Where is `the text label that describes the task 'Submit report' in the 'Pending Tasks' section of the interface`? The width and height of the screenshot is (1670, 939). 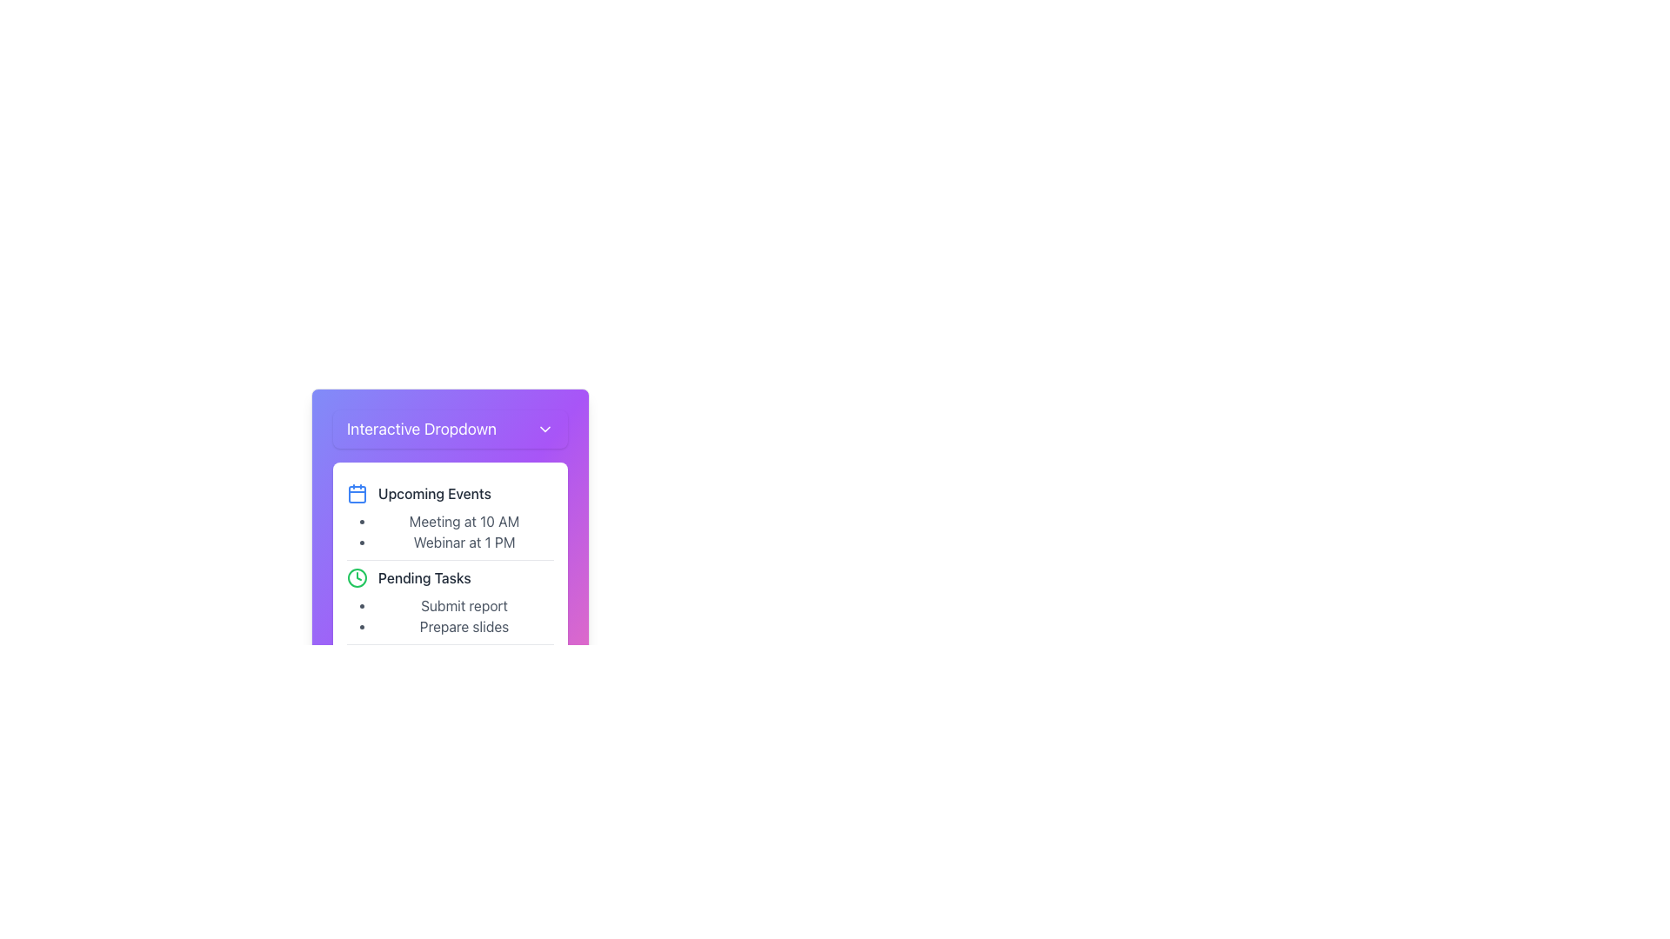 the text label that describes the task 'Submit report' in the 'Pending Tasks' section of the interface is located at coordinates (464, 605).